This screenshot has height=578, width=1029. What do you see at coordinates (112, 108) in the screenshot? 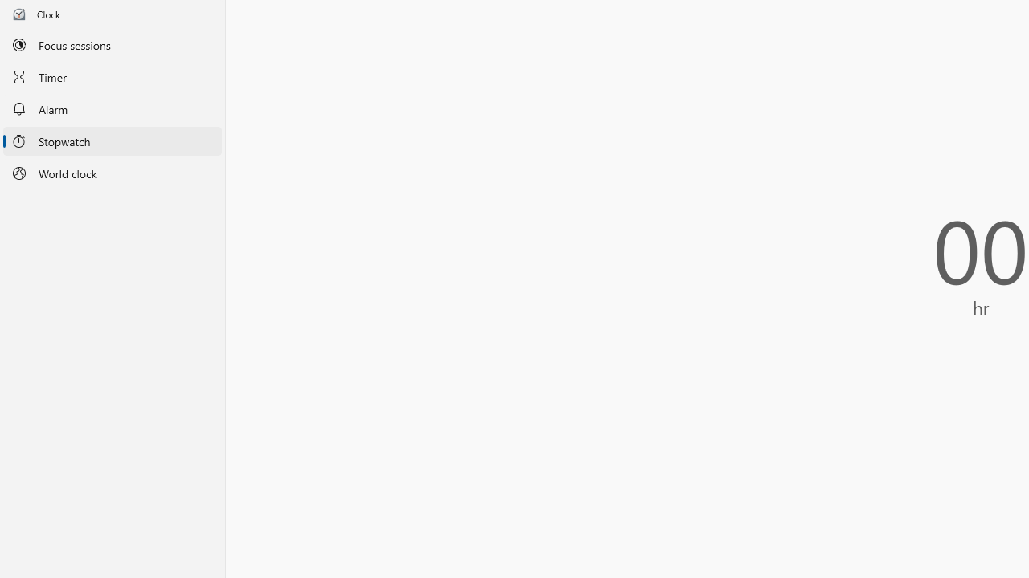
I see `'Alarm'` at bounding box center [112, 108].